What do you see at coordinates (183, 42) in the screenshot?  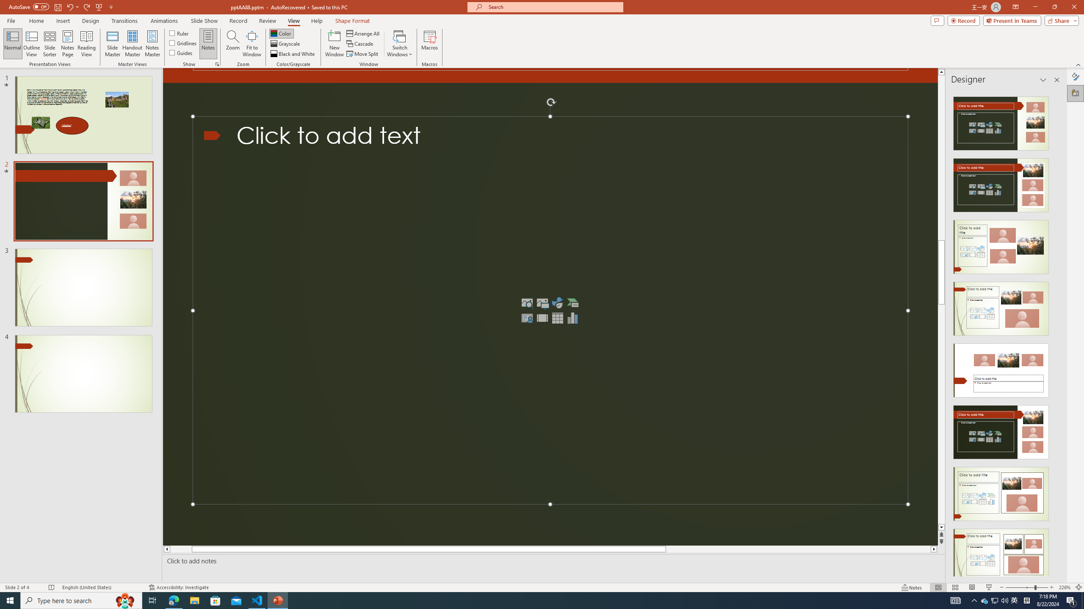 I see `'Gridlines'` at bounding box center [183, 42].